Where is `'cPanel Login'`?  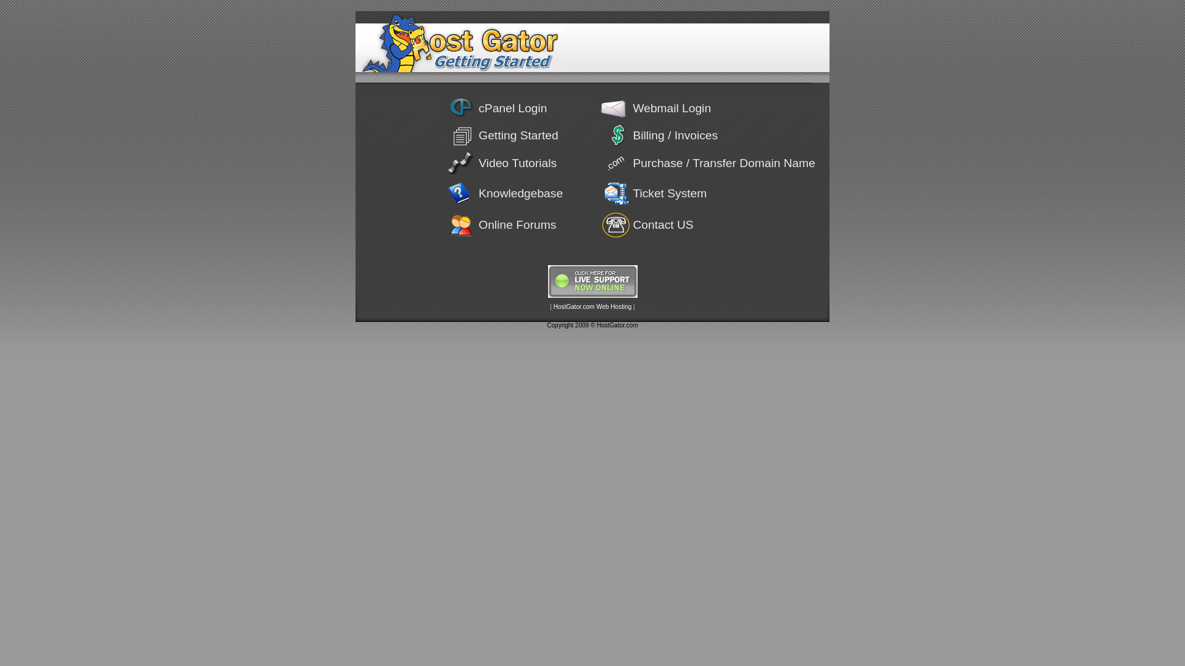
'cPanel Login' is located at coordinates (513, 107).